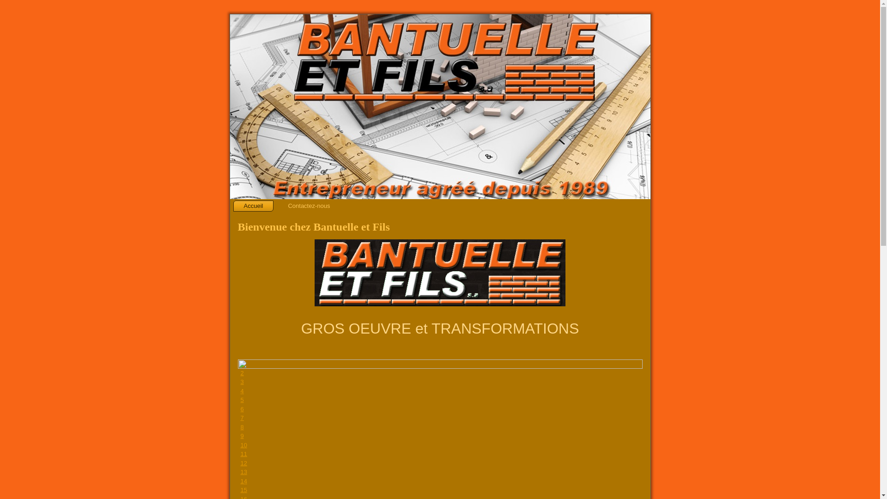 This screenshot has height=499, width=887. I want to click on '11', so click(243, 453).